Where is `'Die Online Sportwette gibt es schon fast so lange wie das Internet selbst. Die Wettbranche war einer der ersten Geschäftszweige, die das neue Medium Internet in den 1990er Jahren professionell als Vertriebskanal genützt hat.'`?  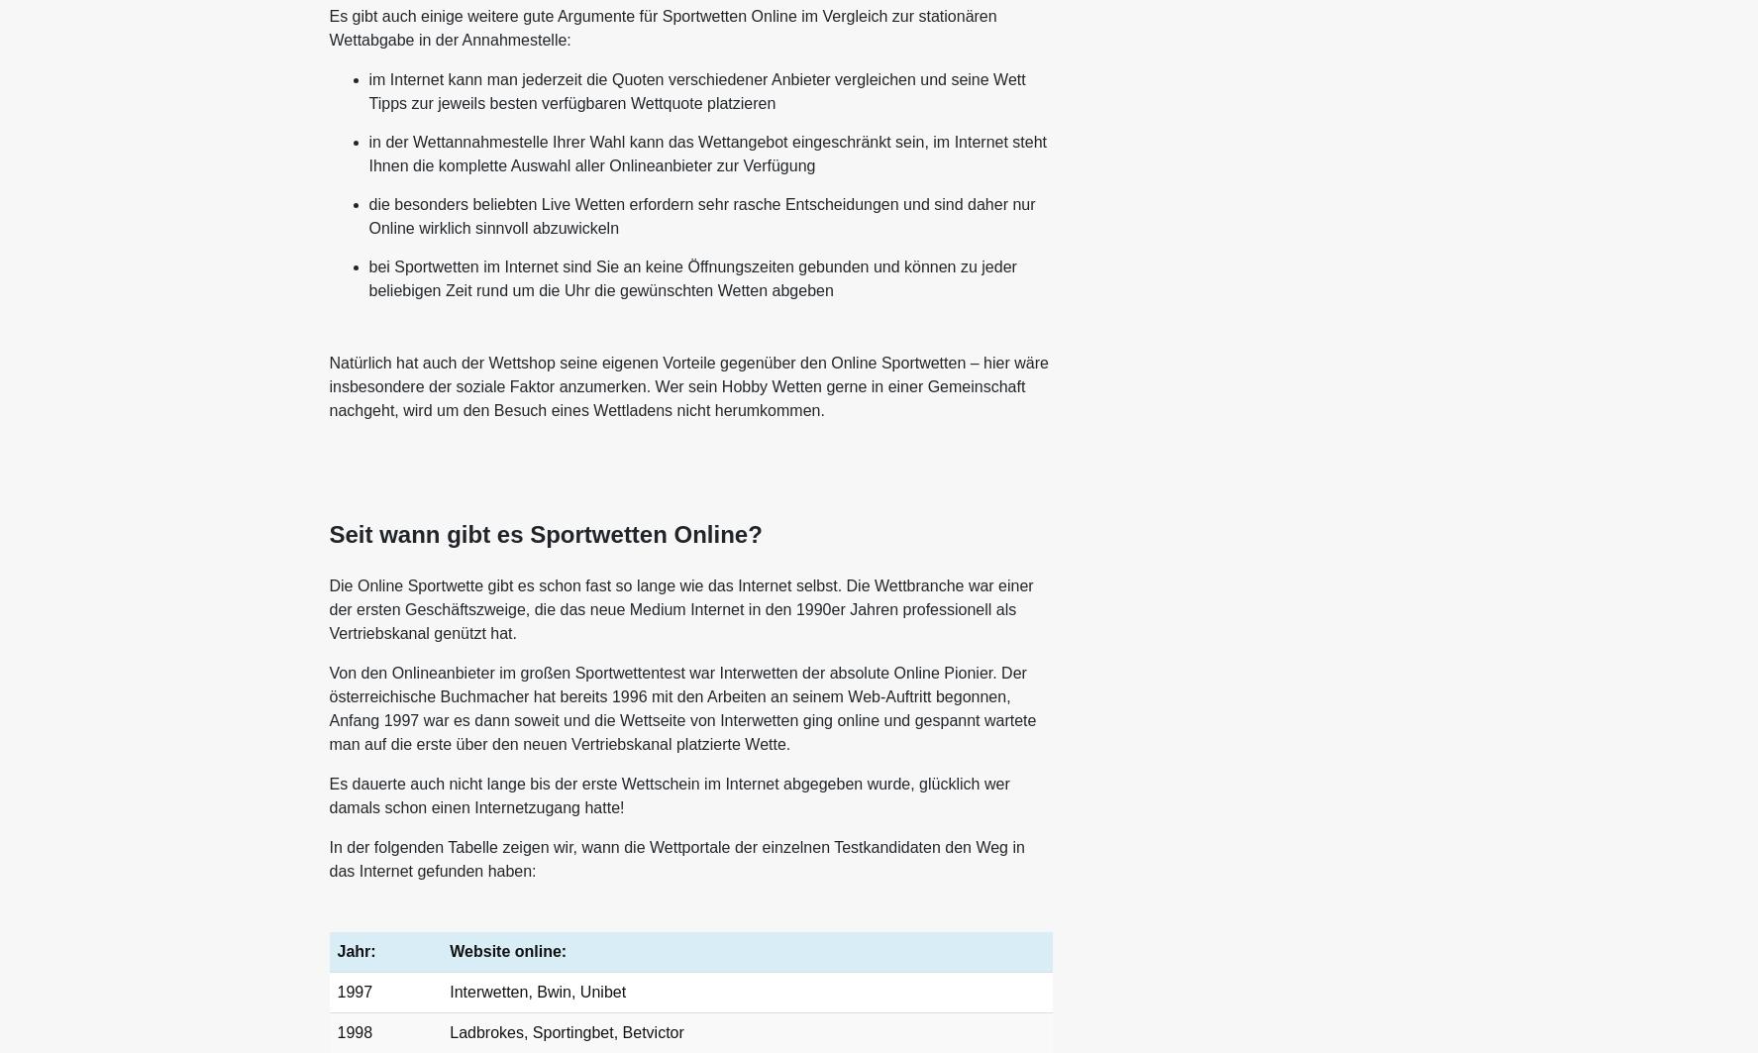
'Die Online Sportwette gibt es schon fast so lange wie das Internet selbst. Die Wettbranche war einer der ersten Geschäftszweige, die das neue Medium Internet in den 1990er Jahren professionell als Vertriebskanal genützt hat.' is located at coordinates (679, 608).